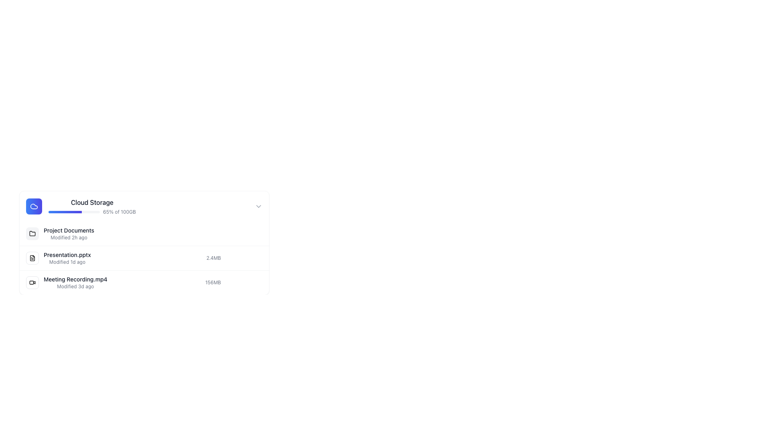  I want to click on the storage progress bar, so click(48, 211).